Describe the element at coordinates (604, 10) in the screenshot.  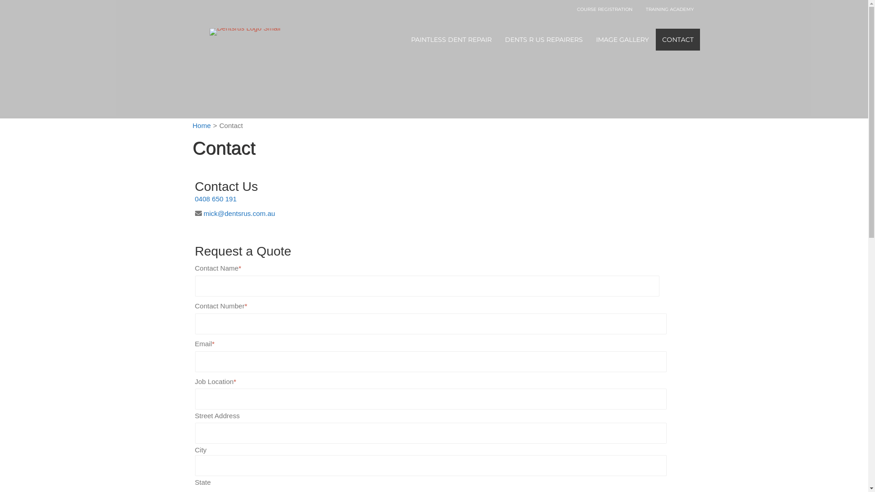
I see `'COURSE REGISTRATION'` at that location.